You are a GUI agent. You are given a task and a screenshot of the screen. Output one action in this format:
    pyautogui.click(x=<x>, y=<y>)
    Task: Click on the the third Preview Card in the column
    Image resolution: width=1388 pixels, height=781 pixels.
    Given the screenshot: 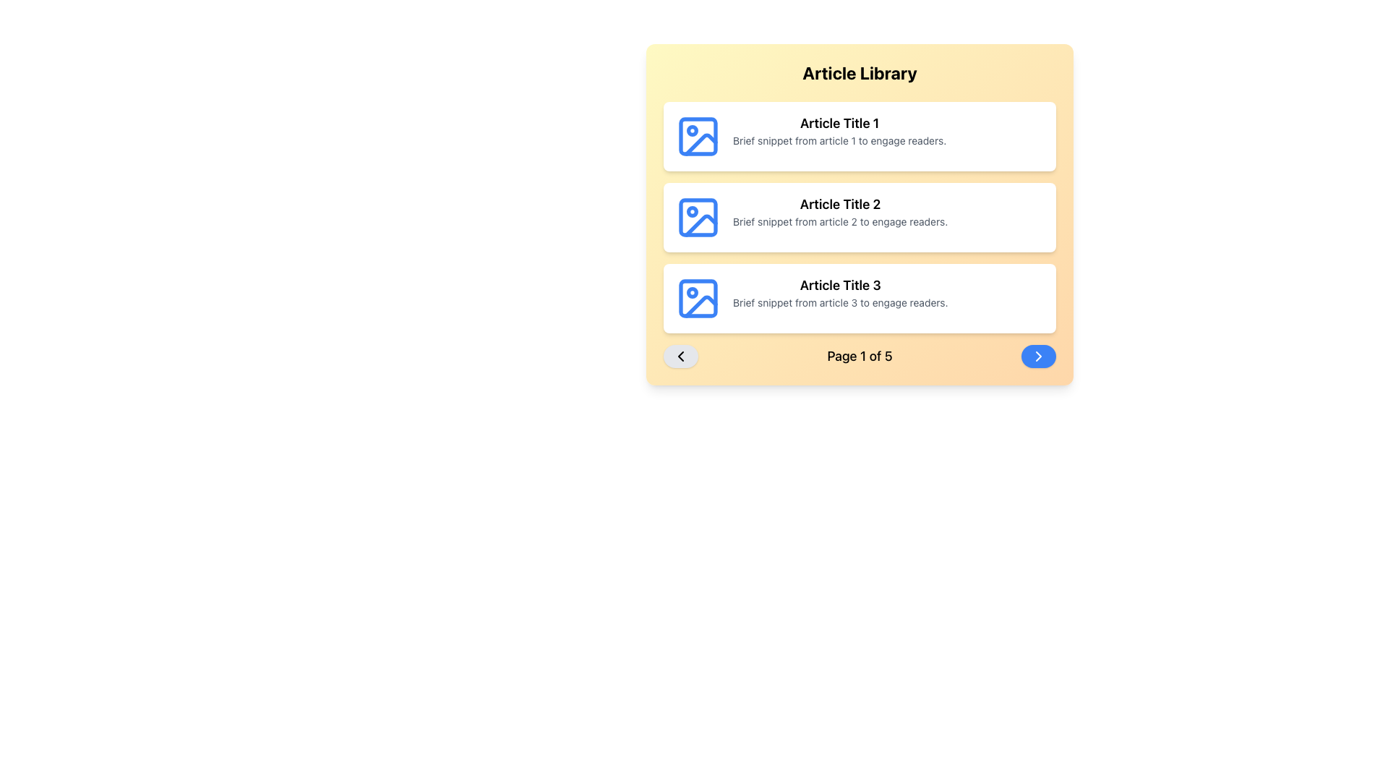 What is the action you would take?
    pyautogui.click(x=860, y=297)
    